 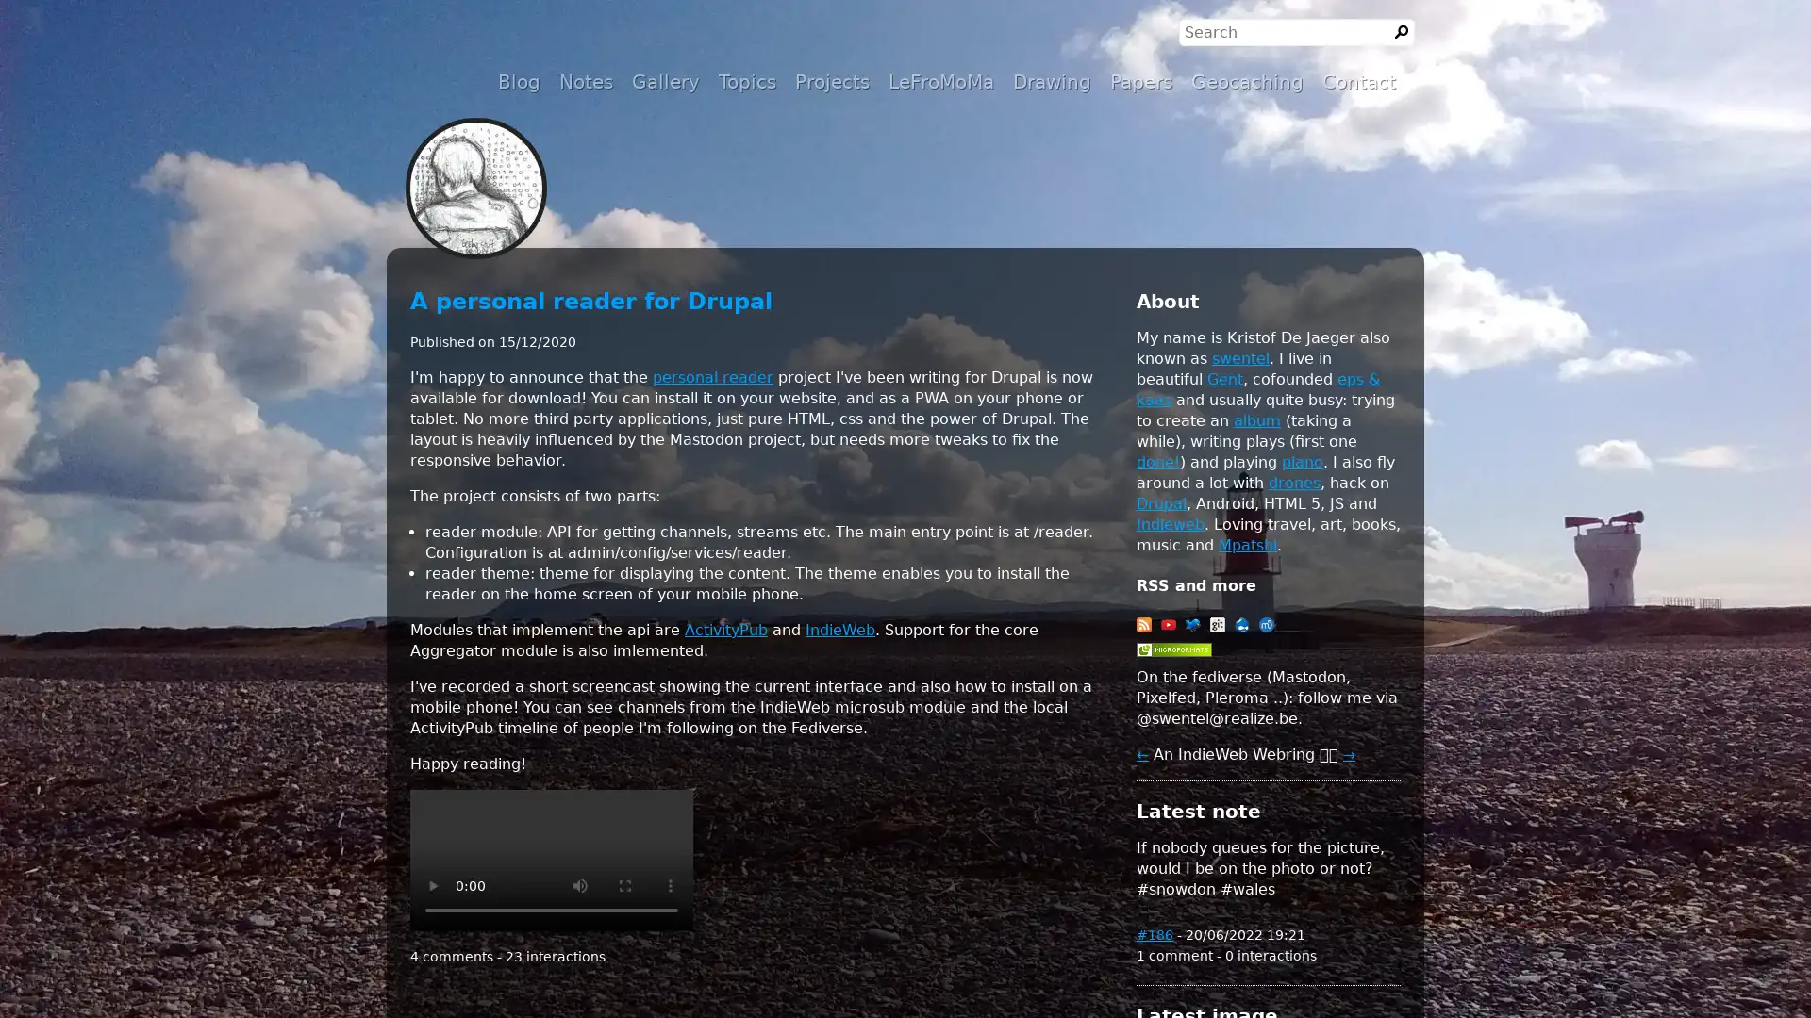 I want to click on play, so click(x=432, y=884).